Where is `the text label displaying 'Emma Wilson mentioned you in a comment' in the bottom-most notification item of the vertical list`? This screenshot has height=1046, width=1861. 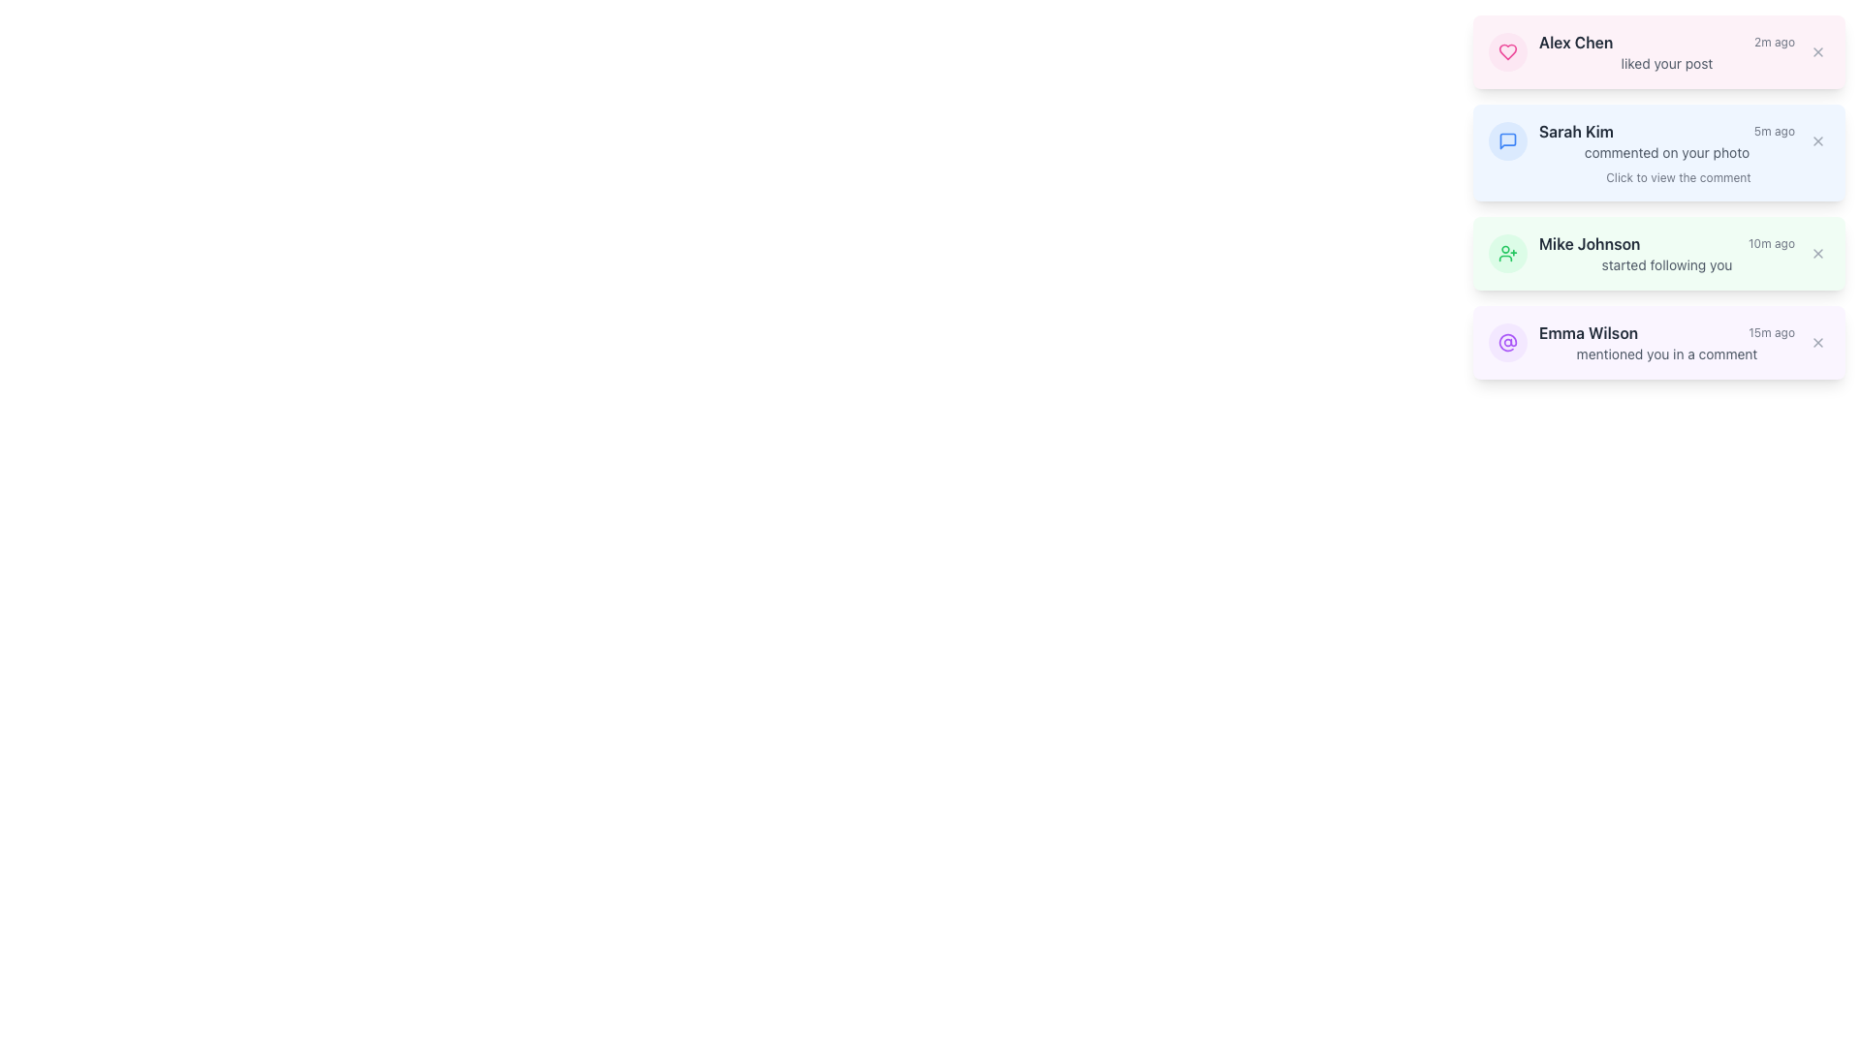 the text label displaying 'Emma Wilson mentioned you in a comment' in the bottom-most notification item of the vertical list is located at coordinates (1589, 331).